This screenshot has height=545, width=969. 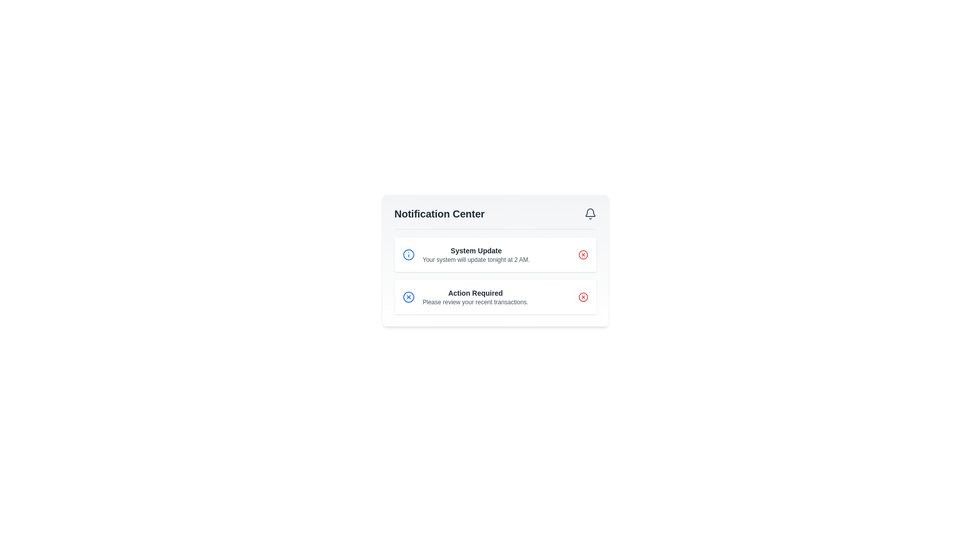 What do you see at coordinates (475, 297) in the screenshot?
I see `the Text element displaying 'Action Required' in the Notification Center card, which provides a subtext 'Please review your recent transactions.'` at bounding box center [475, 297].